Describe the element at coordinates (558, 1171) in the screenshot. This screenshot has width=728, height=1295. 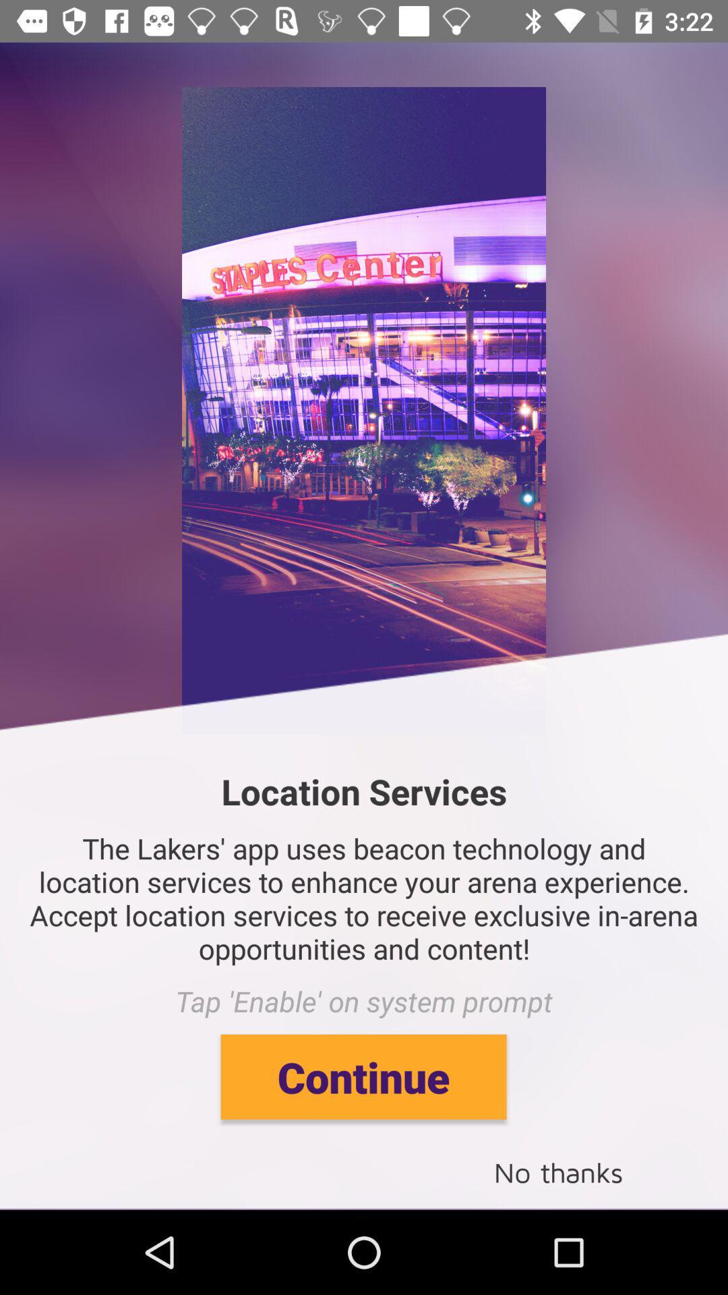
I see `icon below continue item` at that location.